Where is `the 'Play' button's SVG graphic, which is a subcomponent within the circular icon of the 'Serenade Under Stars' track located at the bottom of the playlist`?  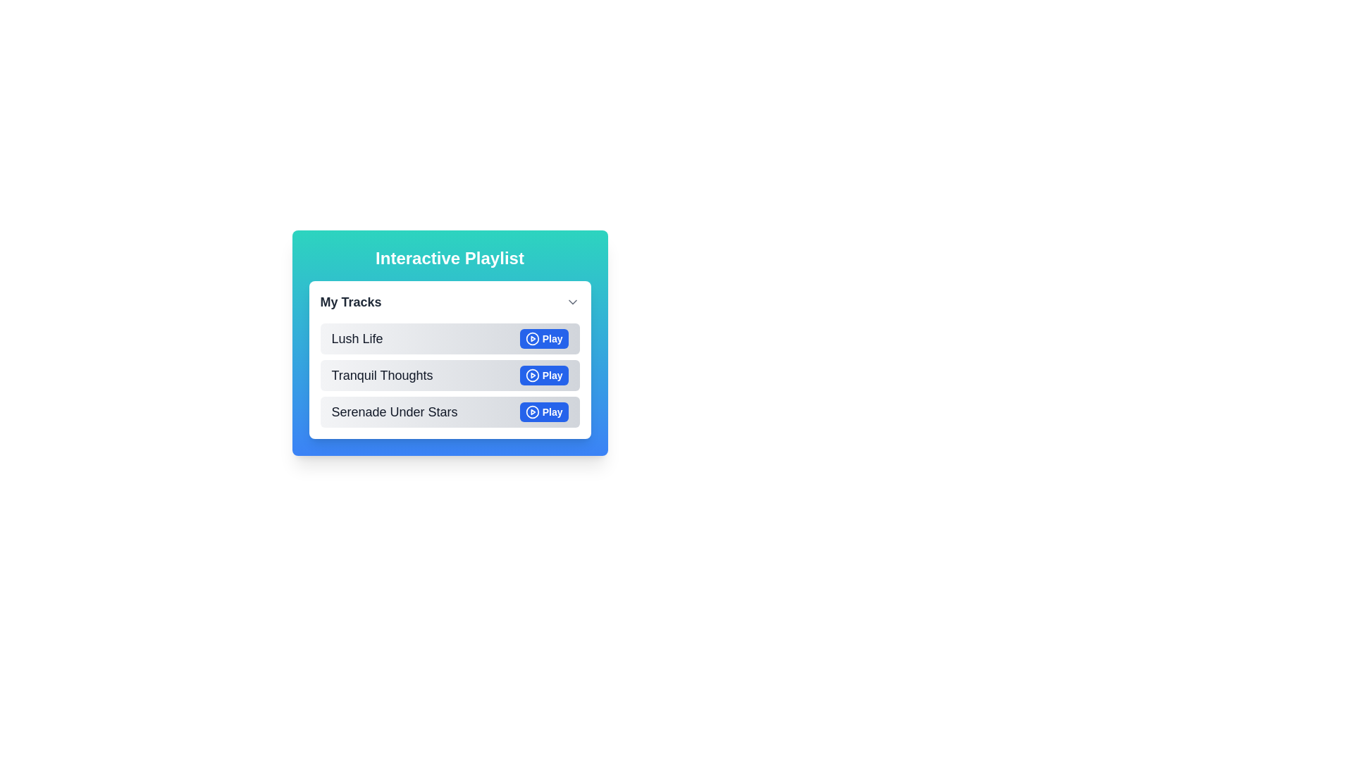 the 'Play' button's SVG graphic, which is a subcomponent within the circular icon of the 'Serenade Under Stars' track located at the bottom of the playlist is located at coordinates (531, 412).